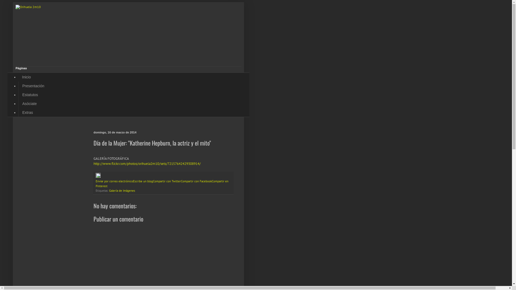 This screenshot has height=290, width=516. I want to click on 'Compartir con Twitter', so click(166, 181).